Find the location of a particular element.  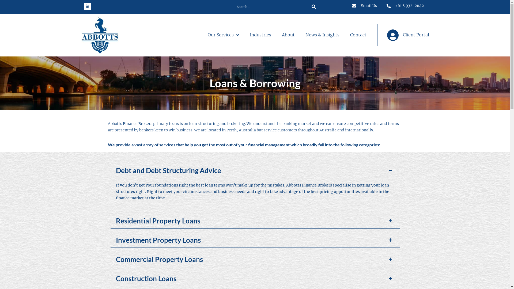

'Email Us' is located at coordinates (364, 6).